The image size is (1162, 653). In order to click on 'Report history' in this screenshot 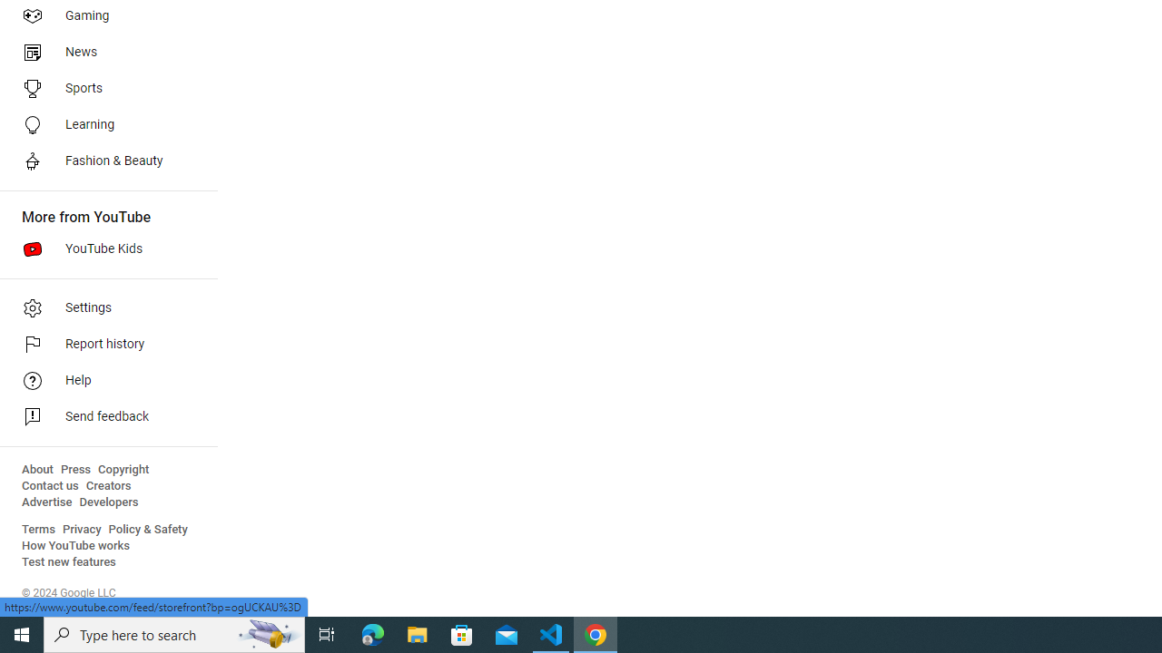, I will do `click(102, 345)`.